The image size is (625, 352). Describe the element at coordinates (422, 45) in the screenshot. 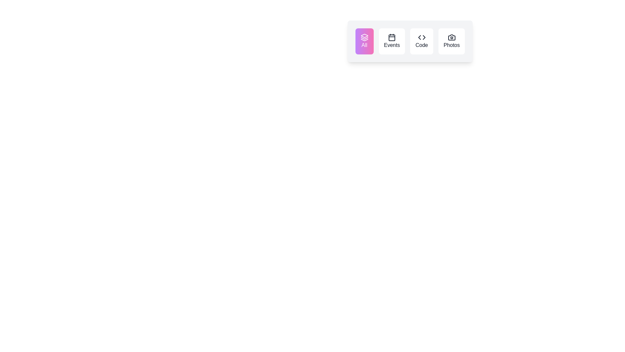

I see `the 'Code' menu item, which is the text label styled in a readable font located within the third item of a horizontal menu bar, positioned between 'Events' and 'Photos'` at that location.